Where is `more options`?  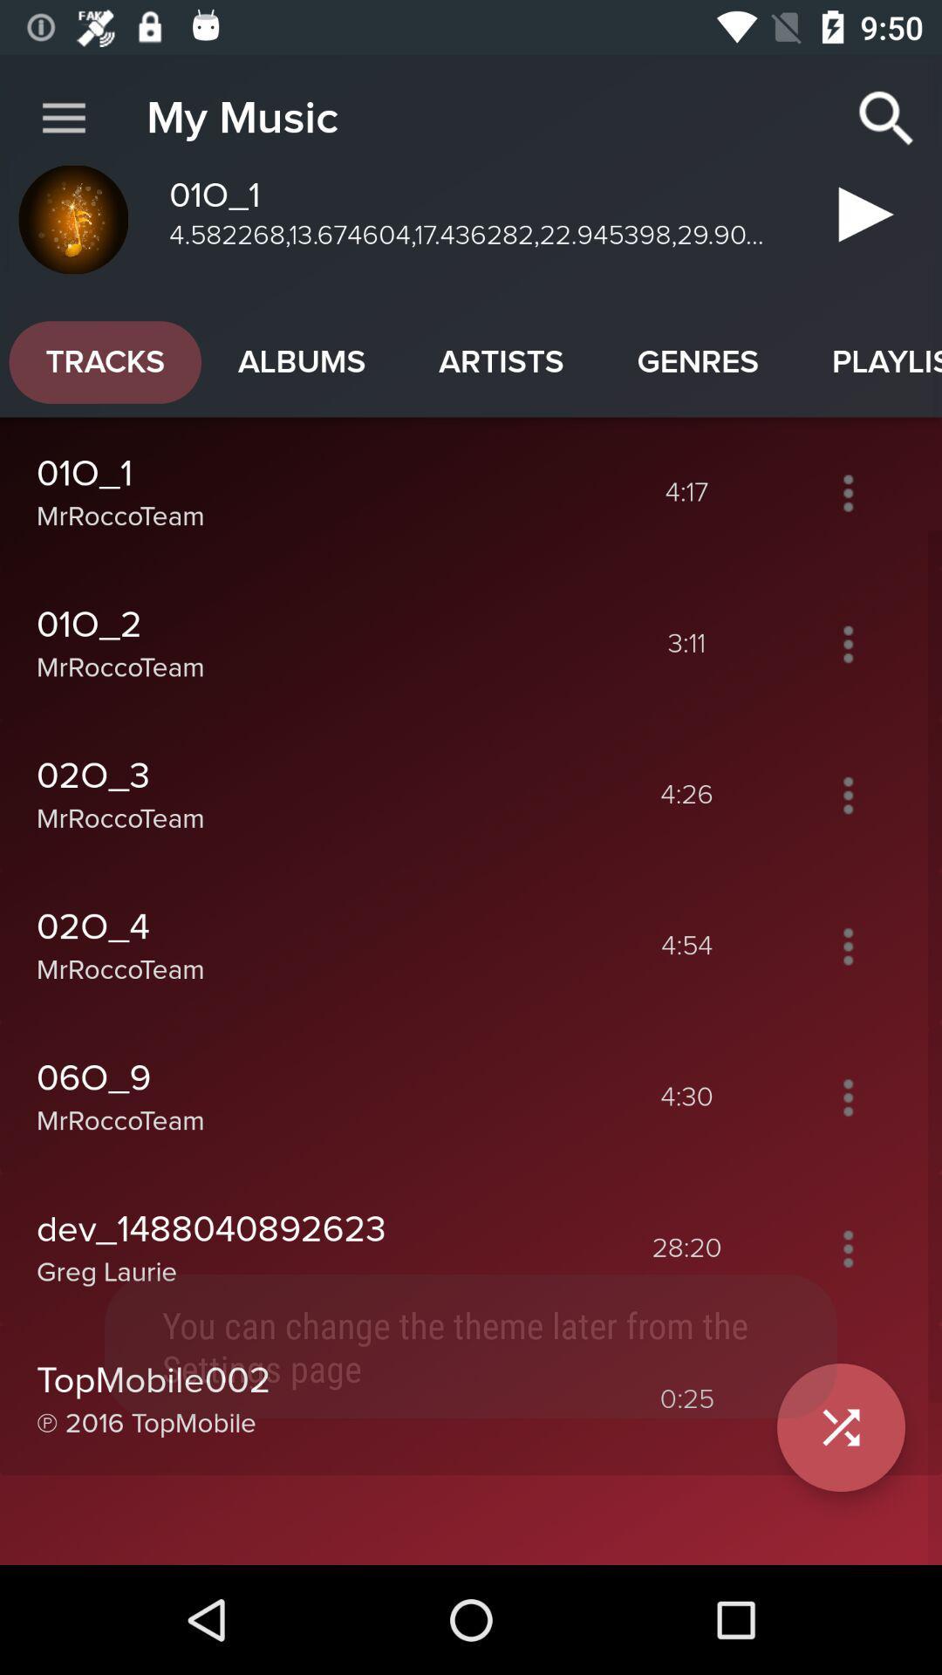 more options is located at coordinates (847, 945).